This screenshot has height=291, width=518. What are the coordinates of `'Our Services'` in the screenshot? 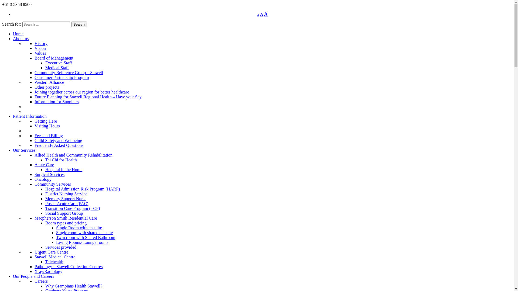 It's located at (13, 150).